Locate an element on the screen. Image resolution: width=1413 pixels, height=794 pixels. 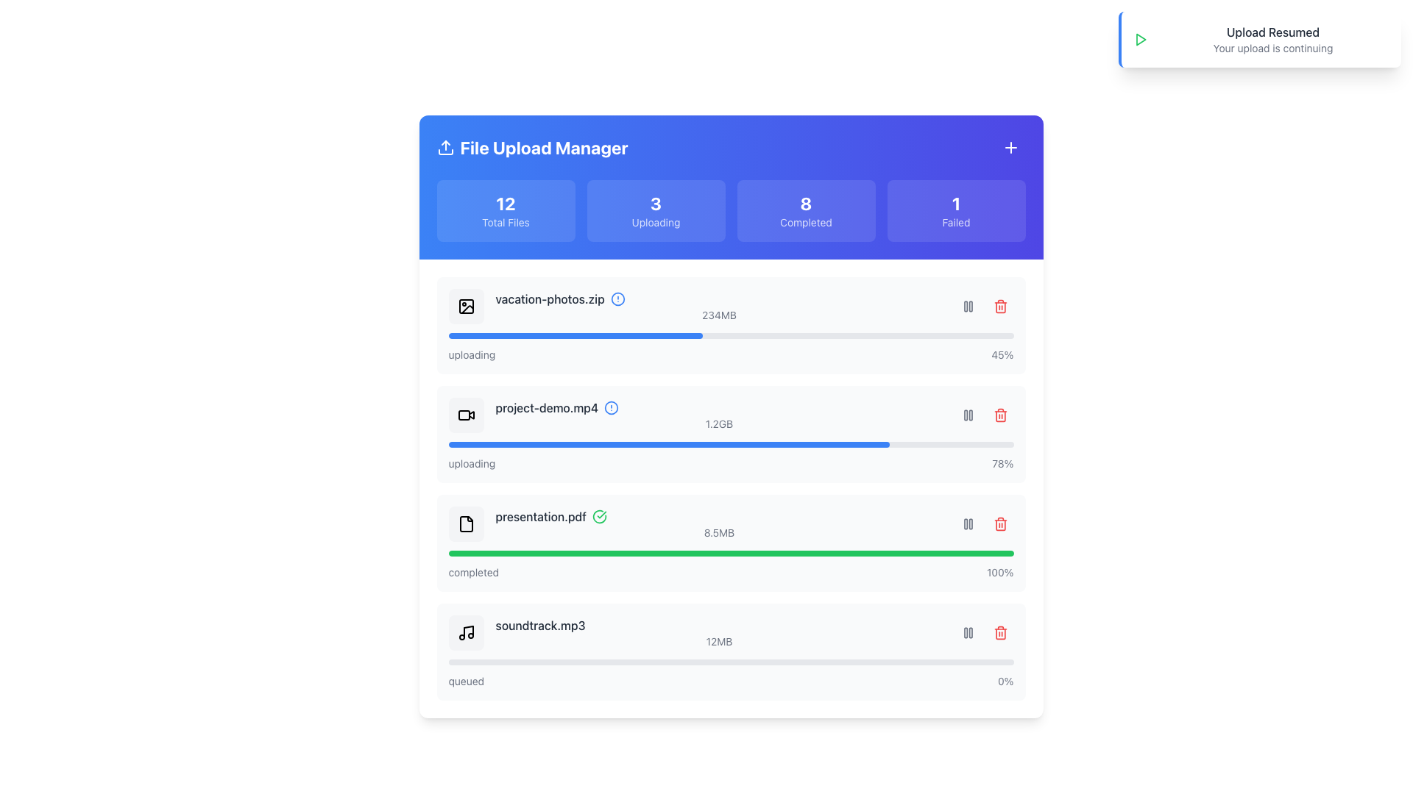
text information from the Notification card titled 'Upload Resumed' located at the top-right corner of the interface is located at coordinates (1260, 39).